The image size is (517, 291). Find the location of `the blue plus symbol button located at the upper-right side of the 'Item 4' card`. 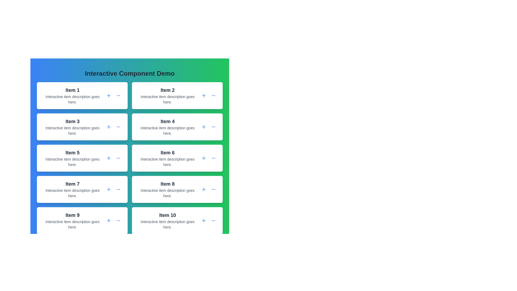

the blue plus symbol button located at the upper-right side of the 'Item 4' card is located at coordinates (204, 127).